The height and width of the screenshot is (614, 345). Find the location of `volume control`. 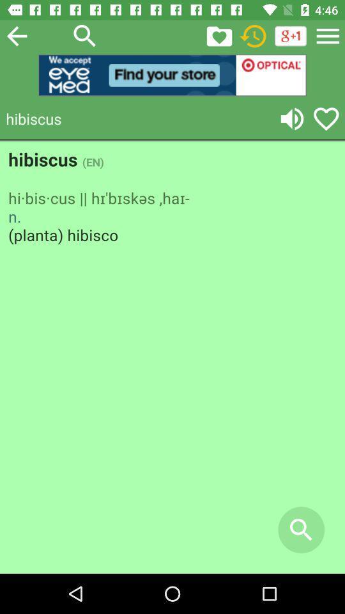

volume control is located at coordinates (292, 118).